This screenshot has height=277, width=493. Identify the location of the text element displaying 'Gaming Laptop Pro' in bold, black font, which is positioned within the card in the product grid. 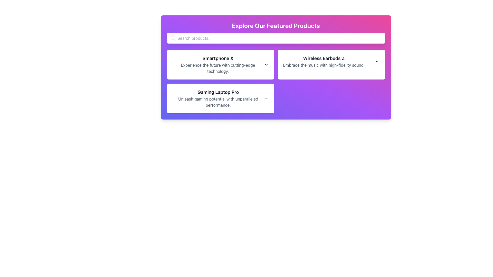
(218, 92).